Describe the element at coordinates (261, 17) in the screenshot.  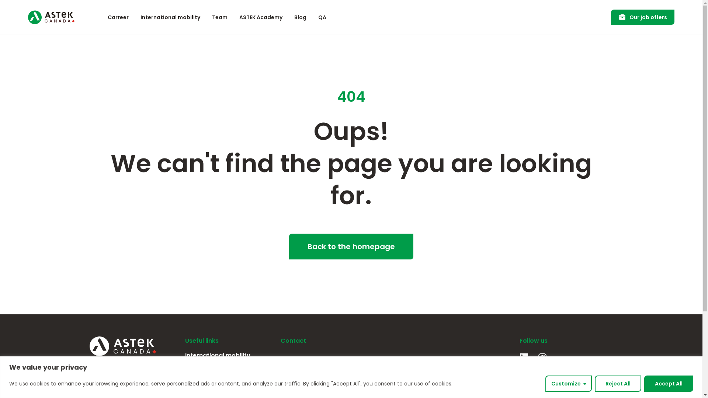
I see `'ASTEK Academy'` at that location.